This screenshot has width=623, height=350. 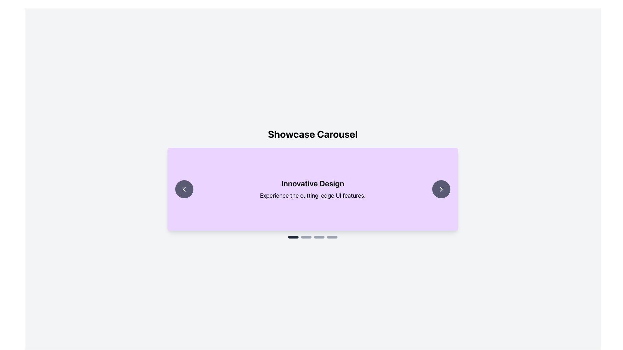 What do you see at coordinates (313, 189) in the screenshot?
I see `text from the 'Innovative Design' text block element, which is centered within a purple rectangular card and contains the messages 'Innovative Design' and 'Experience the cutting-edge UI features.'` at bounding box center [313, 189].